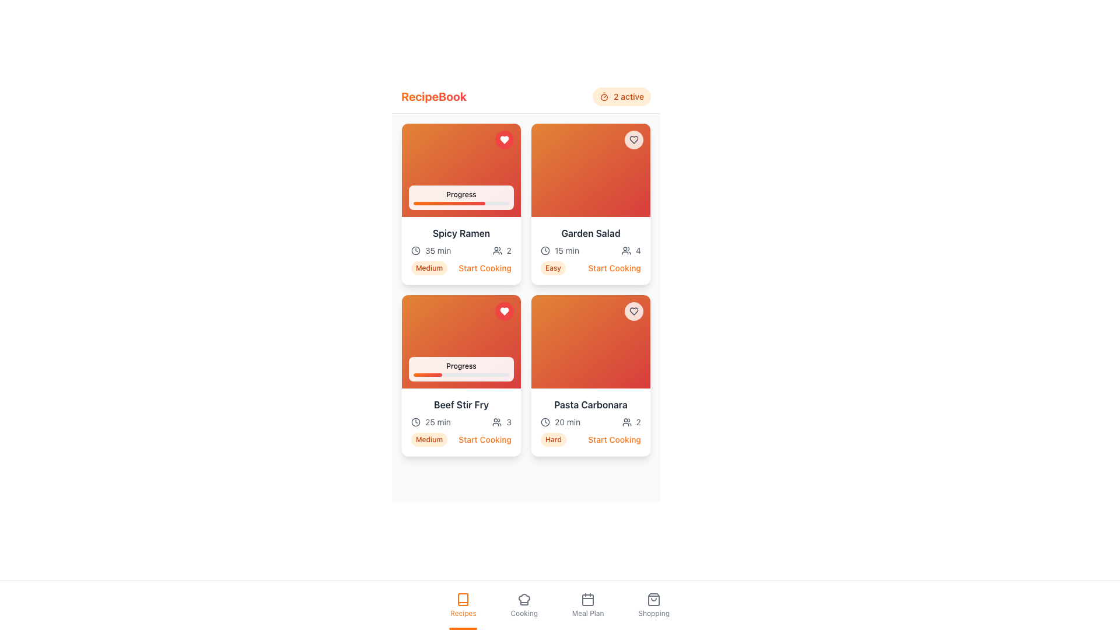 The image size is (1120, 630). Describe the element at coordinates (461, 375) in the screenshot. I see `the horizontal progress bar element for 'Beef Stir Fry' that is filled from left to about 30% with a gradient from orange to red, located below the 'Progress' label and above the cooking details` at that location.